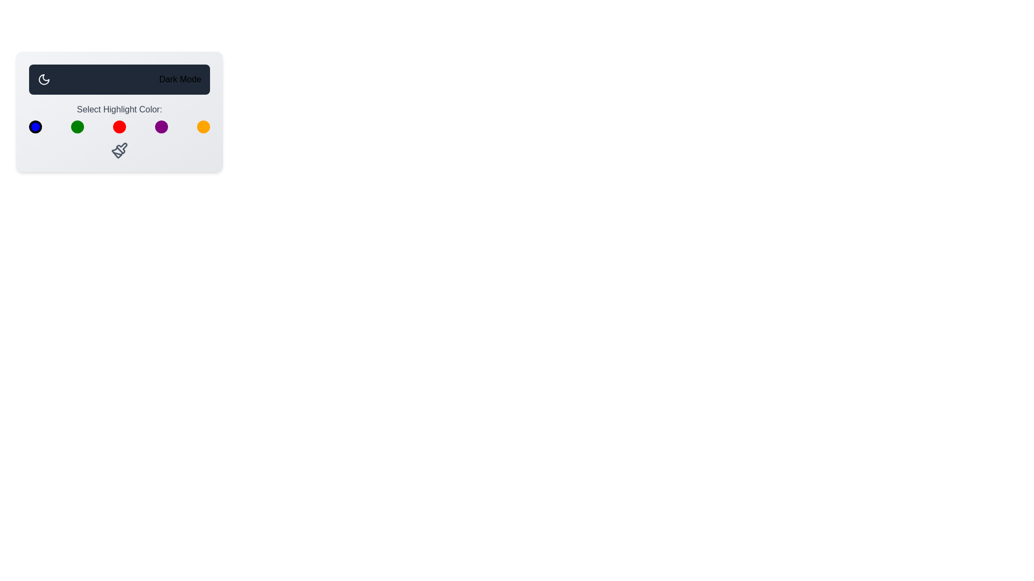 This screenshot has width=1034, height=581. What do you see at coordinates (43, 79) in the screenshot?
I see `the circular moon icon, which is a visual indicator for 'Dark Mode', located on the left side of the text element labeled 'Dark Mode'` at bounding box center [43, 79].